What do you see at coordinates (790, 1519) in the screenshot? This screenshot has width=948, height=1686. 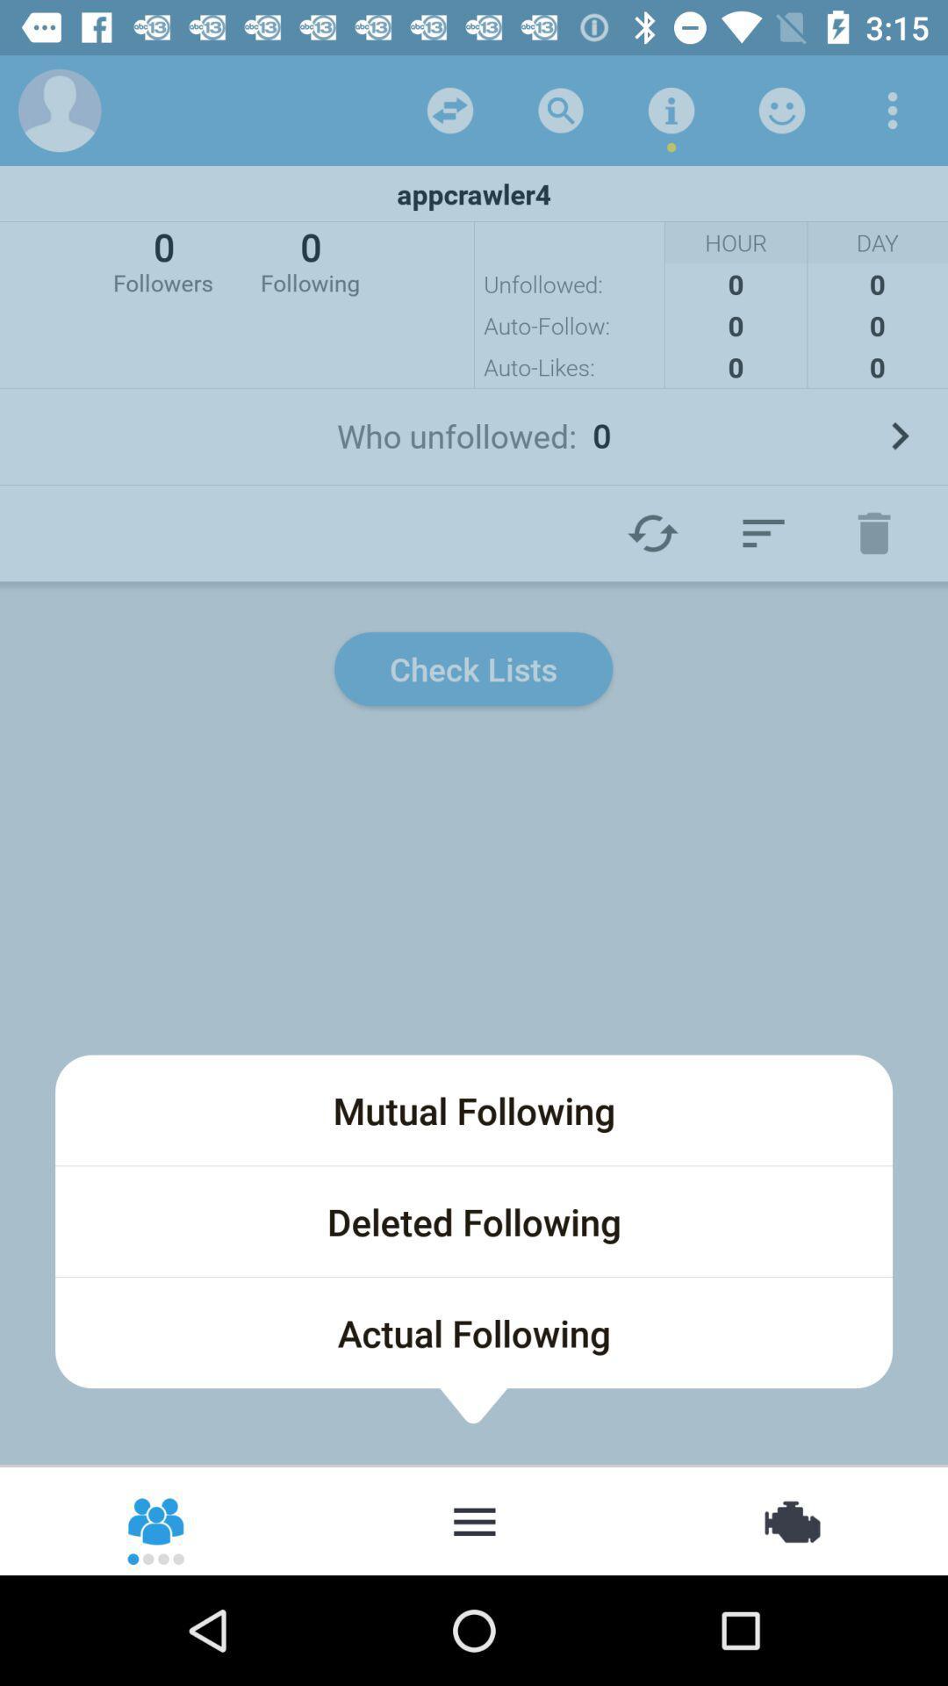 I see `the explore icon` at bounding box center [790, 1519].